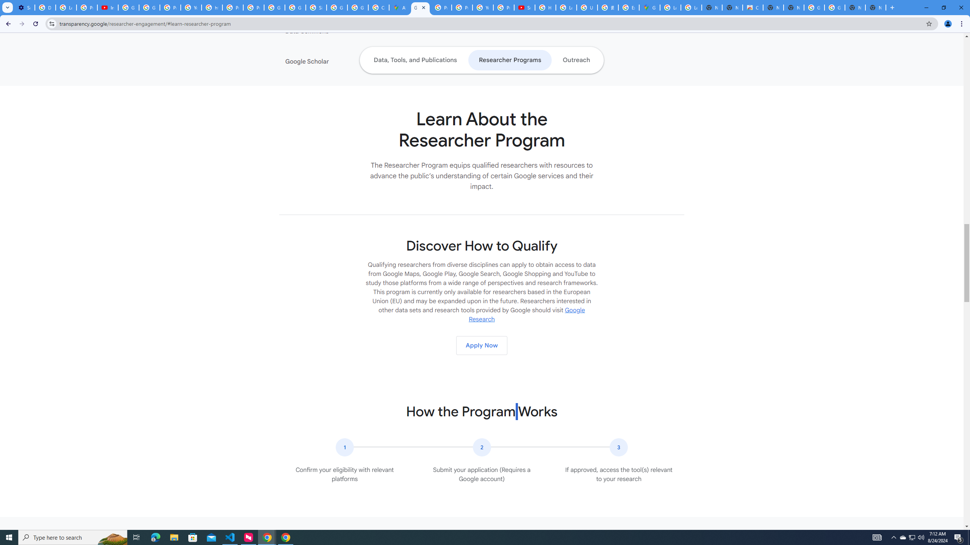 Image resolution: width=970 pixels, height=545 pixels. Describe the element at coordinates (378, 7) in the screenshot. I see `'Create your Google Account'` at that location.